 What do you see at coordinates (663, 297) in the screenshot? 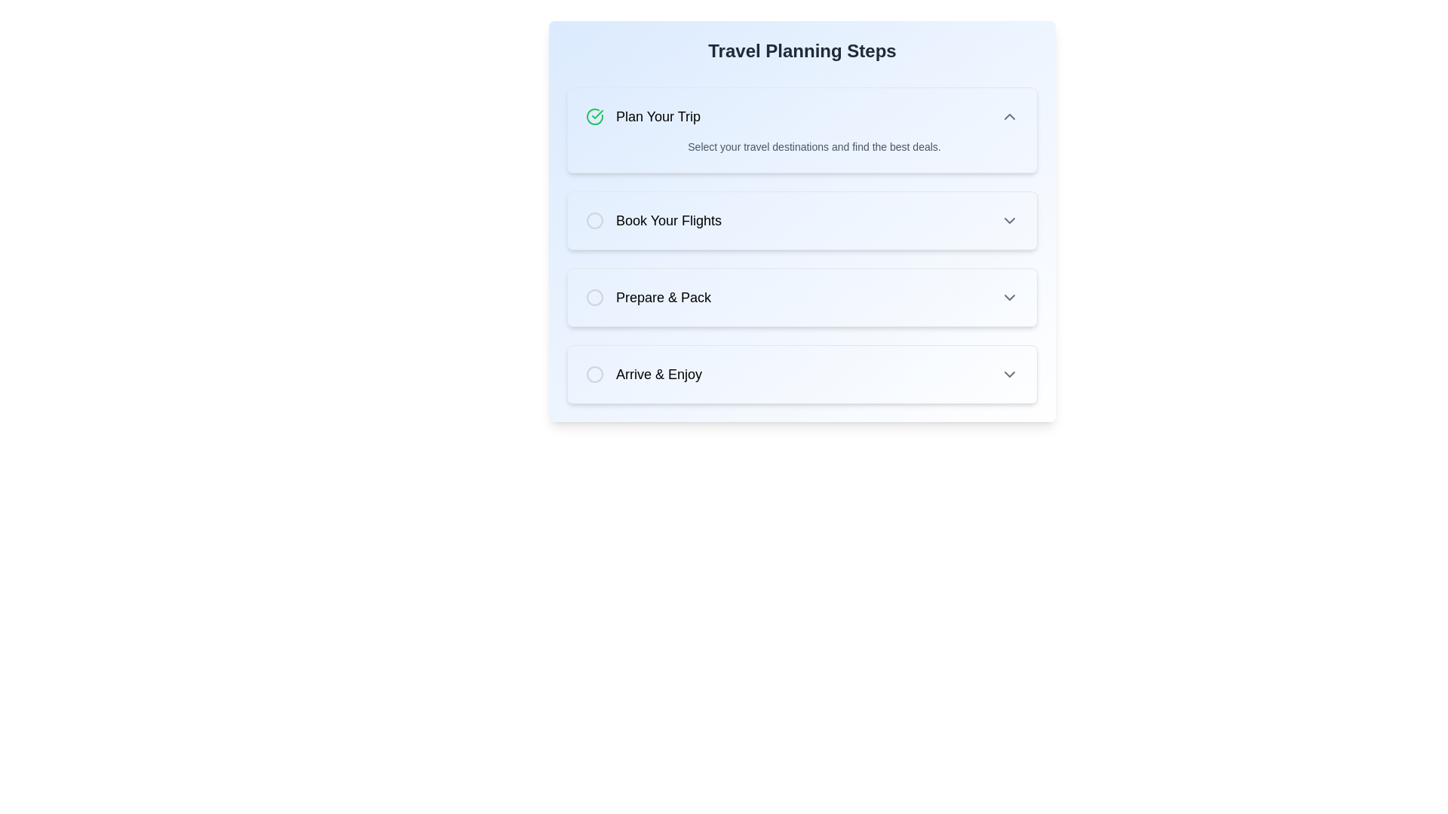
I see `the text label displaying 'Prepare & Pack', which is the second item in the 'Travel Planning Steps' list, positioned after a circular icon` at bounding box center [663, 297].